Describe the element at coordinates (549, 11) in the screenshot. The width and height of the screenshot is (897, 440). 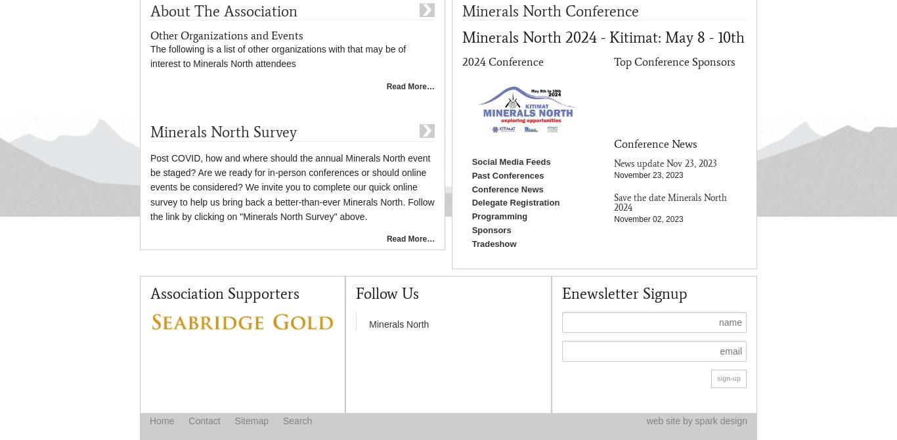
I see `'Minerals North Conference'` at that location.